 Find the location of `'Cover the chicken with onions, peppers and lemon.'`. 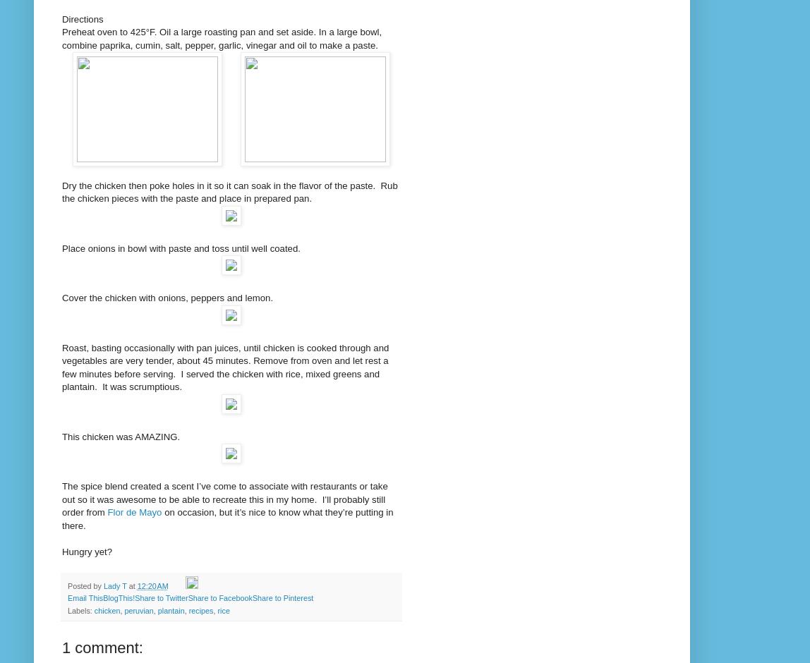

'Cover the chicken with onions, peppers and lemon.' is located at coordinates (169, 298).